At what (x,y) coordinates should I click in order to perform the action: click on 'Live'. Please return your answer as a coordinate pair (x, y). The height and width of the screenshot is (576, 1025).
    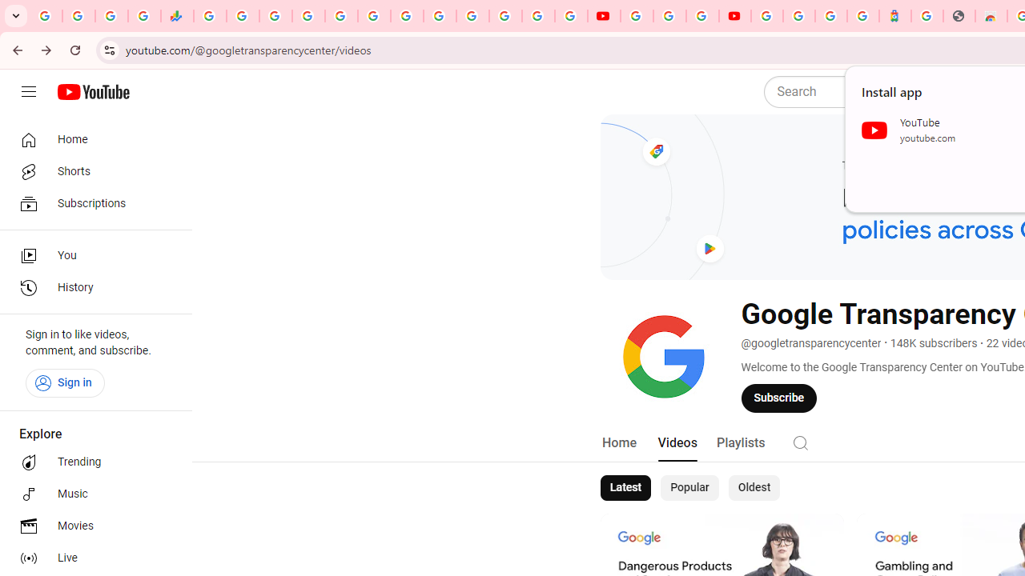
    Looking at the image, I should click on (90, 558).